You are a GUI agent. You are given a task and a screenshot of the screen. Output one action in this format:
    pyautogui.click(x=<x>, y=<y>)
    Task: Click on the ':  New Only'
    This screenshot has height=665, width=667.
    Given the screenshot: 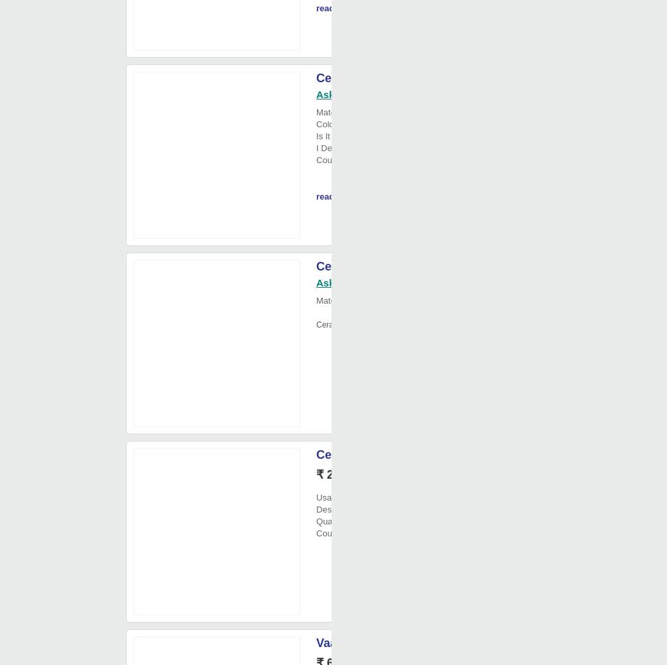 What is the action you would take?
    pyautogui.click(x=369, y=148)
    